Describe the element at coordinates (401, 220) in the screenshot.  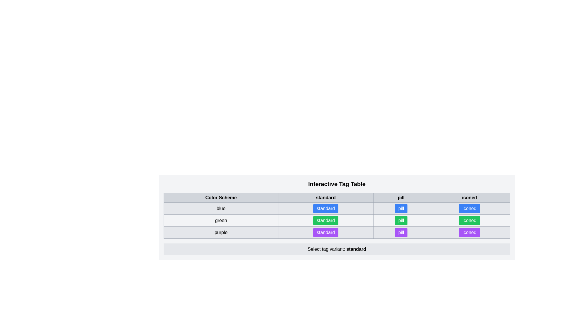
I see `the green button in the 'pill' column of the second row in the 'Interactive Tag Table'` at that location.